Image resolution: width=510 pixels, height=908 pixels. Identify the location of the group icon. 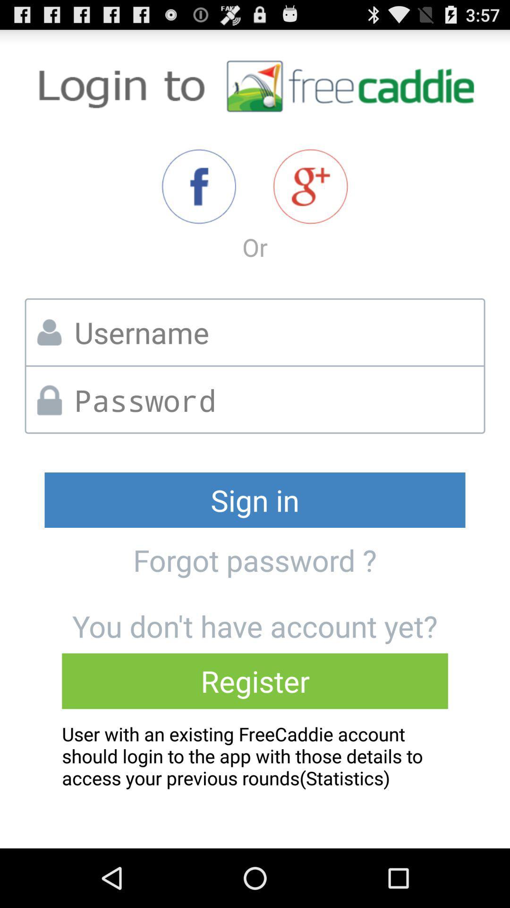
(310, 199).